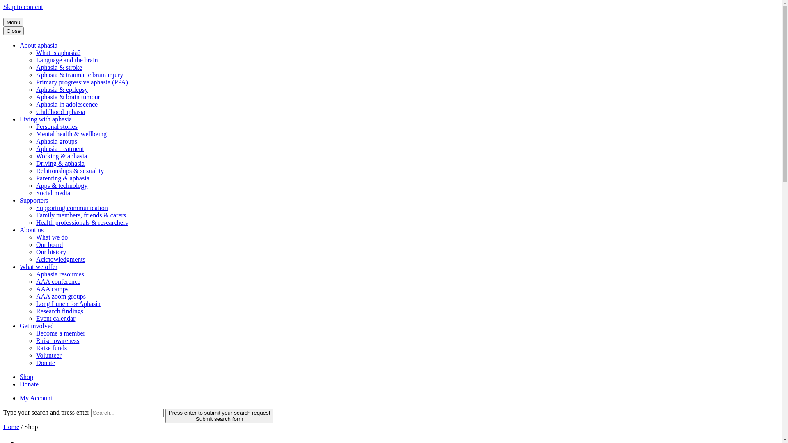 This screenshot has width=788, height=443. I want to click on 'Health professionals & researchers', so click(35, 222).